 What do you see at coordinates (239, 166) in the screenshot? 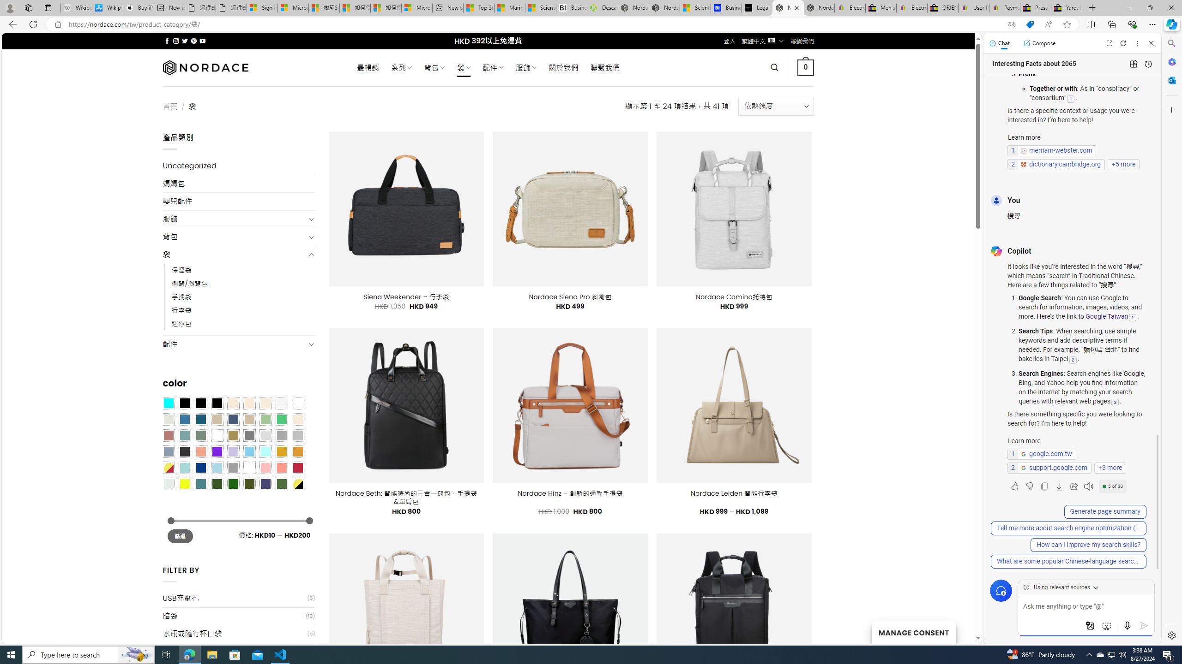
I see `'Uncategorized'` at bounding box center [239, 166].